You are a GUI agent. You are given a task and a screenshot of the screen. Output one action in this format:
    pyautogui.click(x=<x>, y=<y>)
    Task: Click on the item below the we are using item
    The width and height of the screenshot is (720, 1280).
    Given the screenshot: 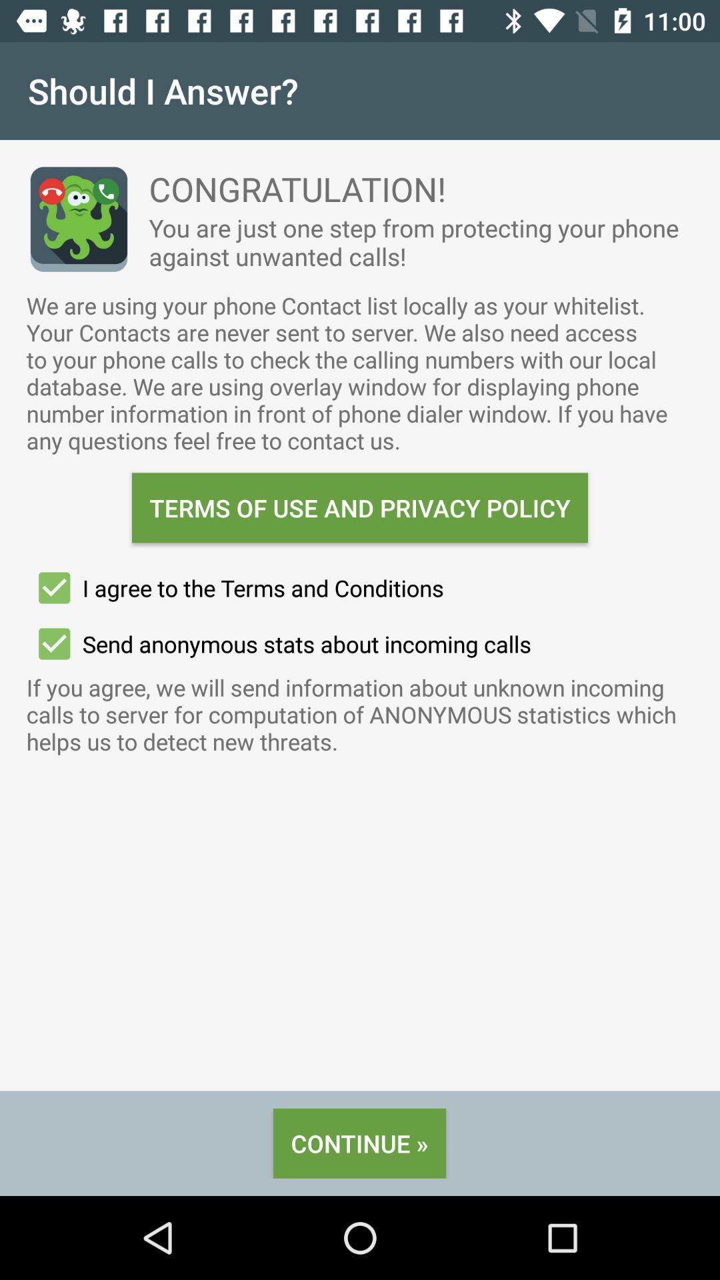 What is the action you would take?
    pyautogui.click(x=360, y=507)
    